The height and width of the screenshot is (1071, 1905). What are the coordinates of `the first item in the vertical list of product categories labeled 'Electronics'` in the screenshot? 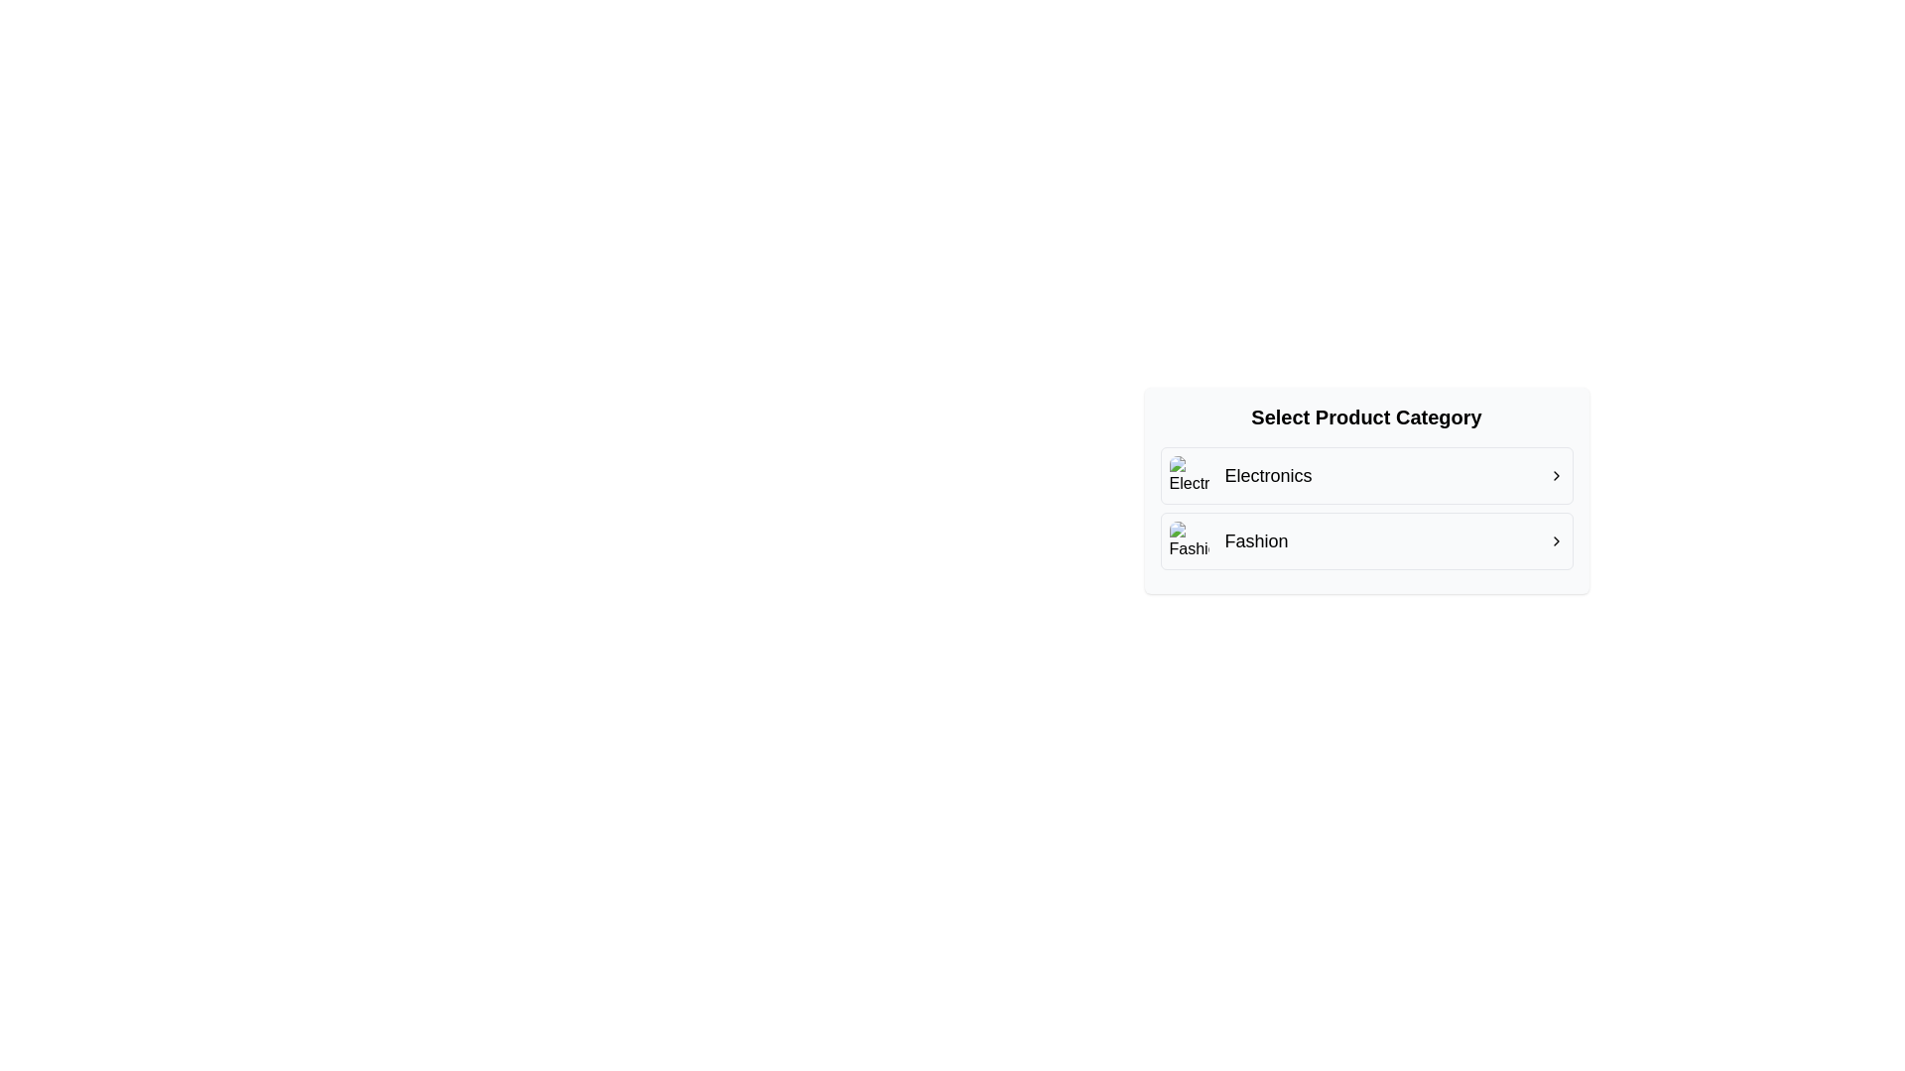 It's located at (1365, 475).